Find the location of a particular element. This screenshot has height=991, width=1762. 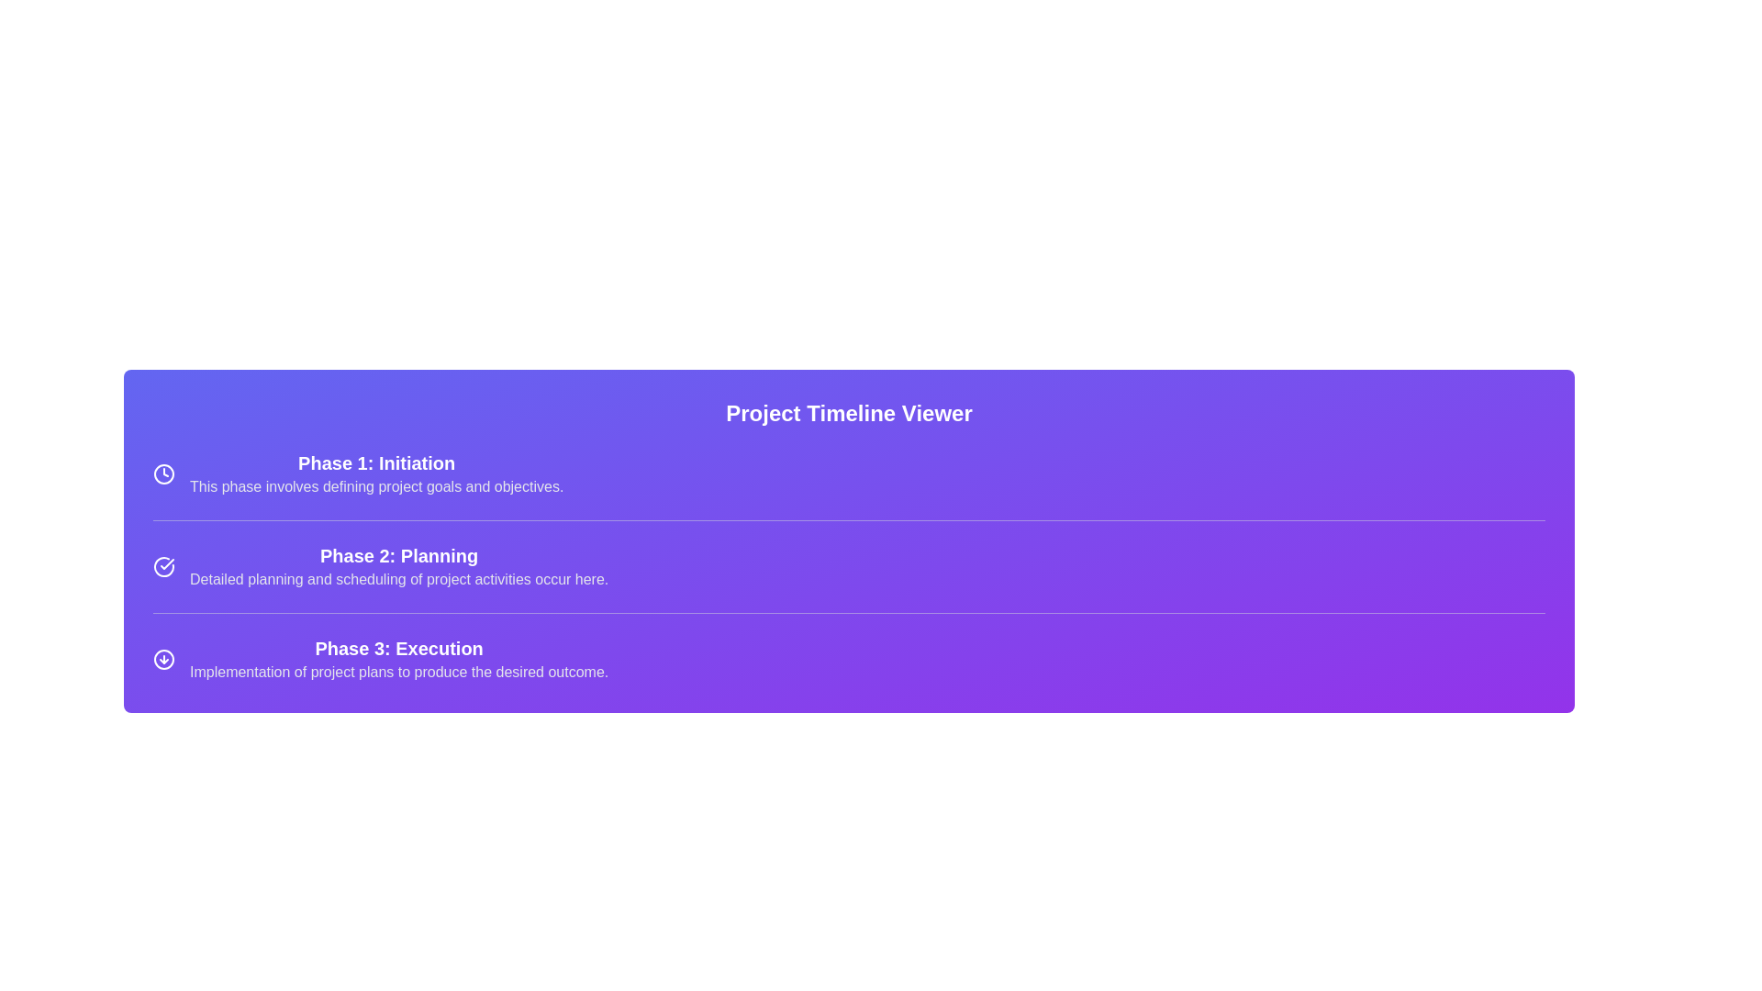

the checkmark-shaped icon indicating completion, located next to the text 'Phase 2: Planning' in the second row of the timeline viewer is located at coordinates (167, 562).